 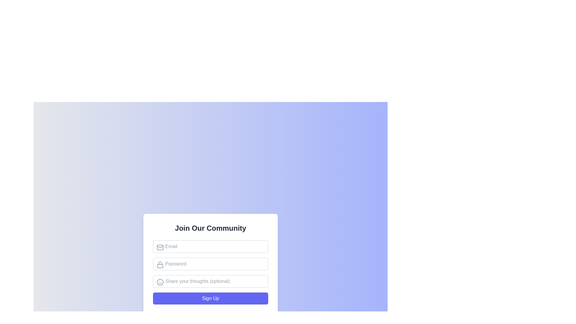 What do you see at coordinates (160, 265) in the screenshot?
I see `the Decorative lock icon located at the top left inside the 'Password' input field, indicating that the input will be treated as confidential` at bounding box center [160, 265].